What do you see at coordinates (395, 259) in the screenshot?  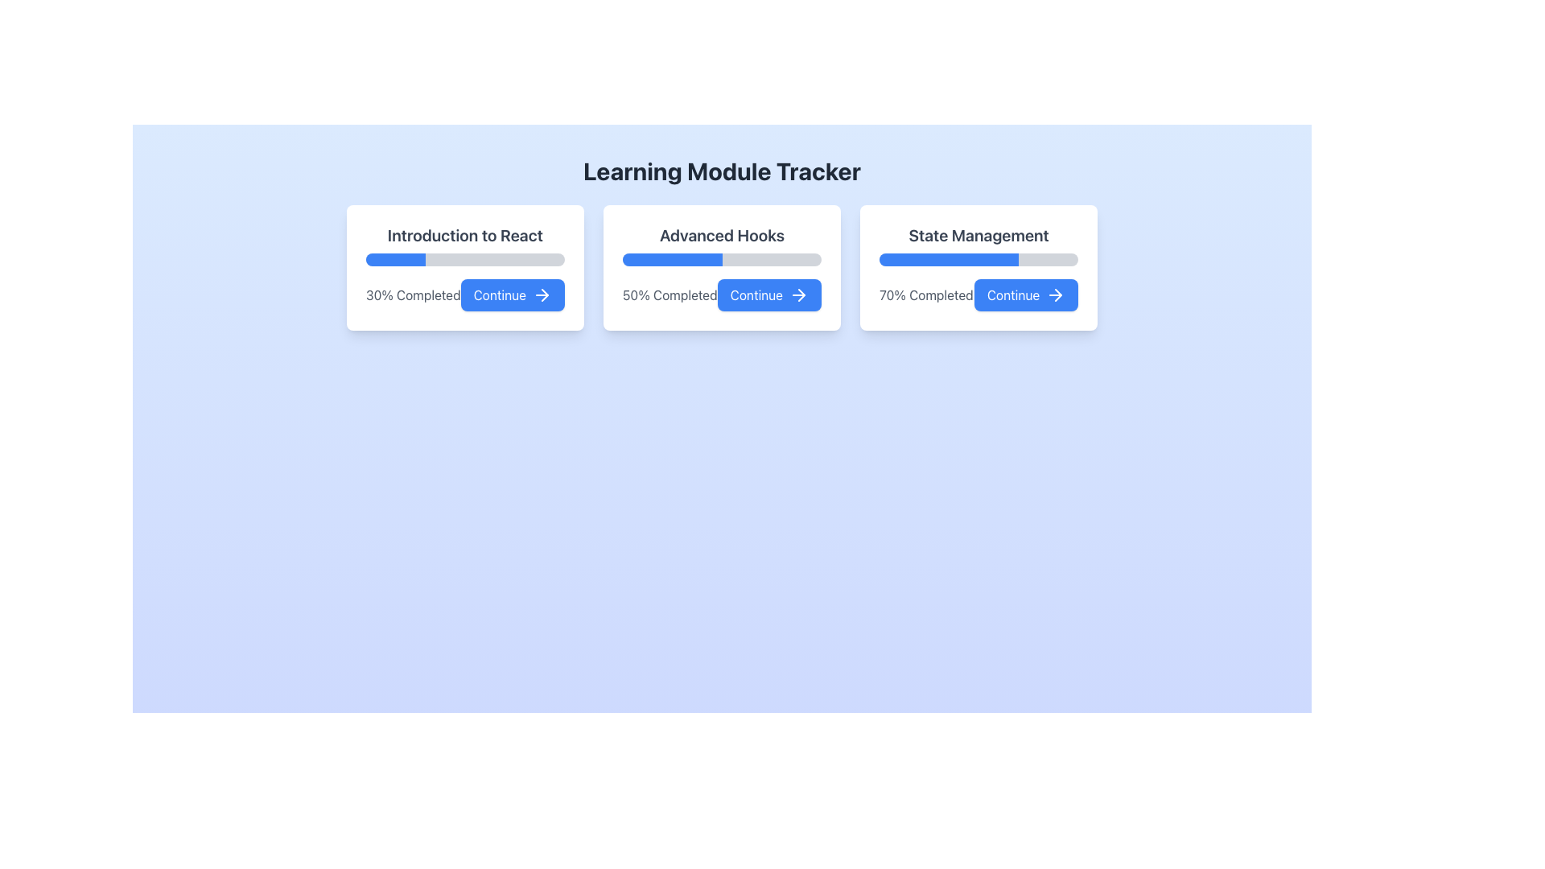 I see `the filled section of the progress bar that indicates 30% completion for the 'Introduction to React' module` at bounding box center [395, 259].